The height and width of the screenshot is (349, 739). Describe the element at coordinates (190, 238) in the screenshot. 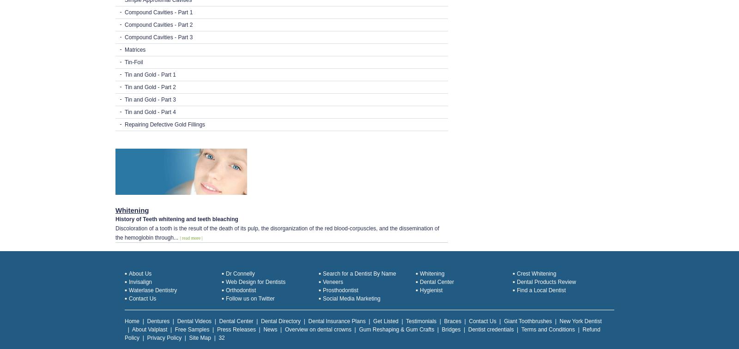

I see `'| read more |'` at that location.